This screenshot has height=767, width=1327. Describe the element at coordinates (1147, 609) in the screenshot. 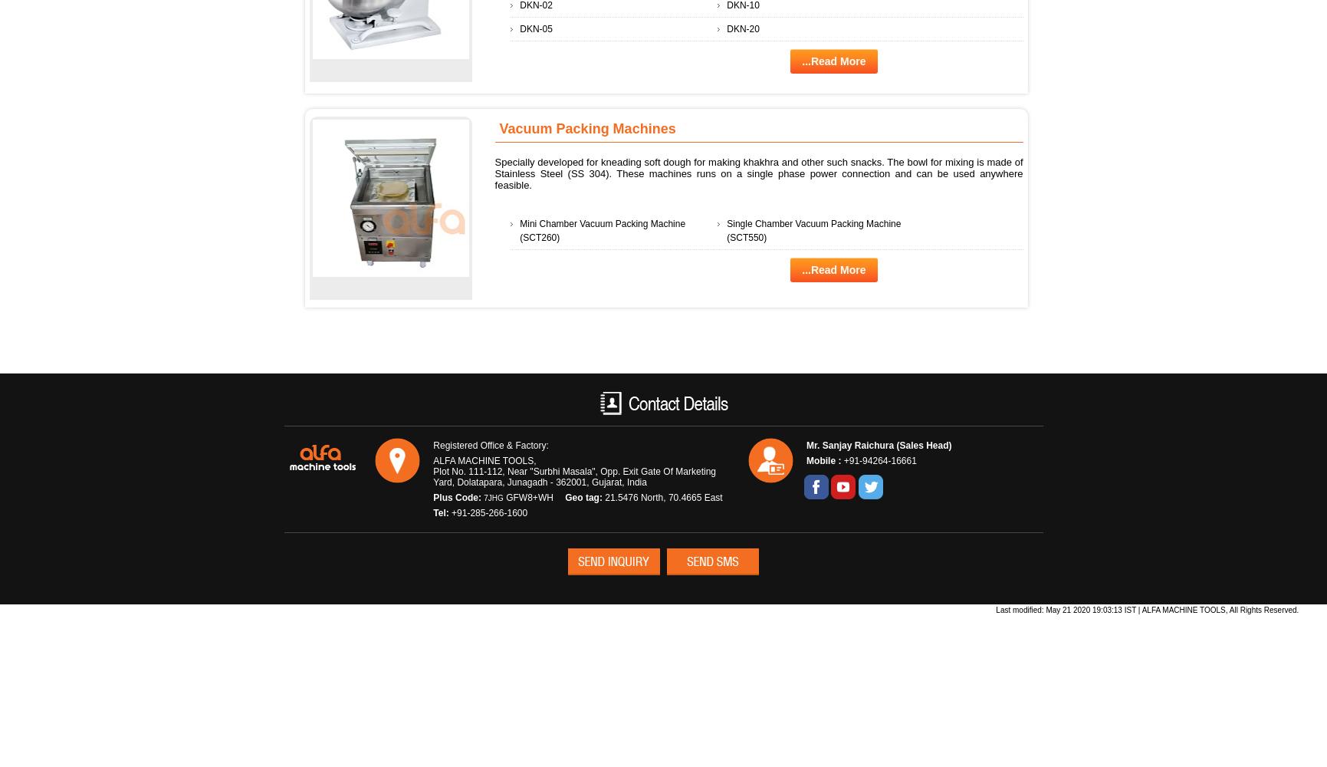

I see `'Last modified: May 21 2020 19:03:13 IST | ALFA MACHINE TOOLS, All Rights Reserved.'` at that location.